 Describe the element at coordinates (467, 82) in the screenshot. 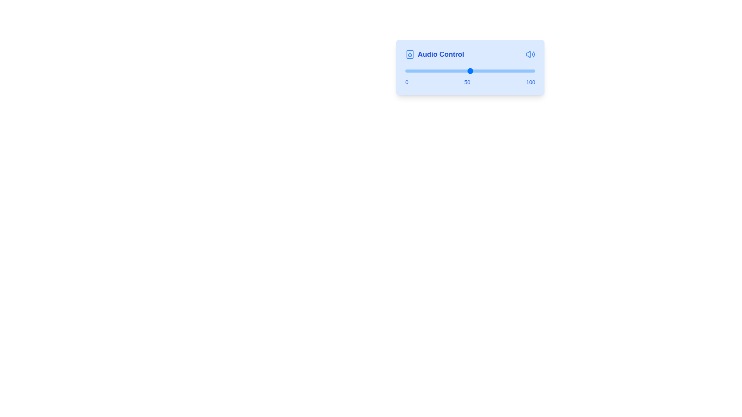

I see `the static text label indicating the midpoint value of the range (50%)` at that location.